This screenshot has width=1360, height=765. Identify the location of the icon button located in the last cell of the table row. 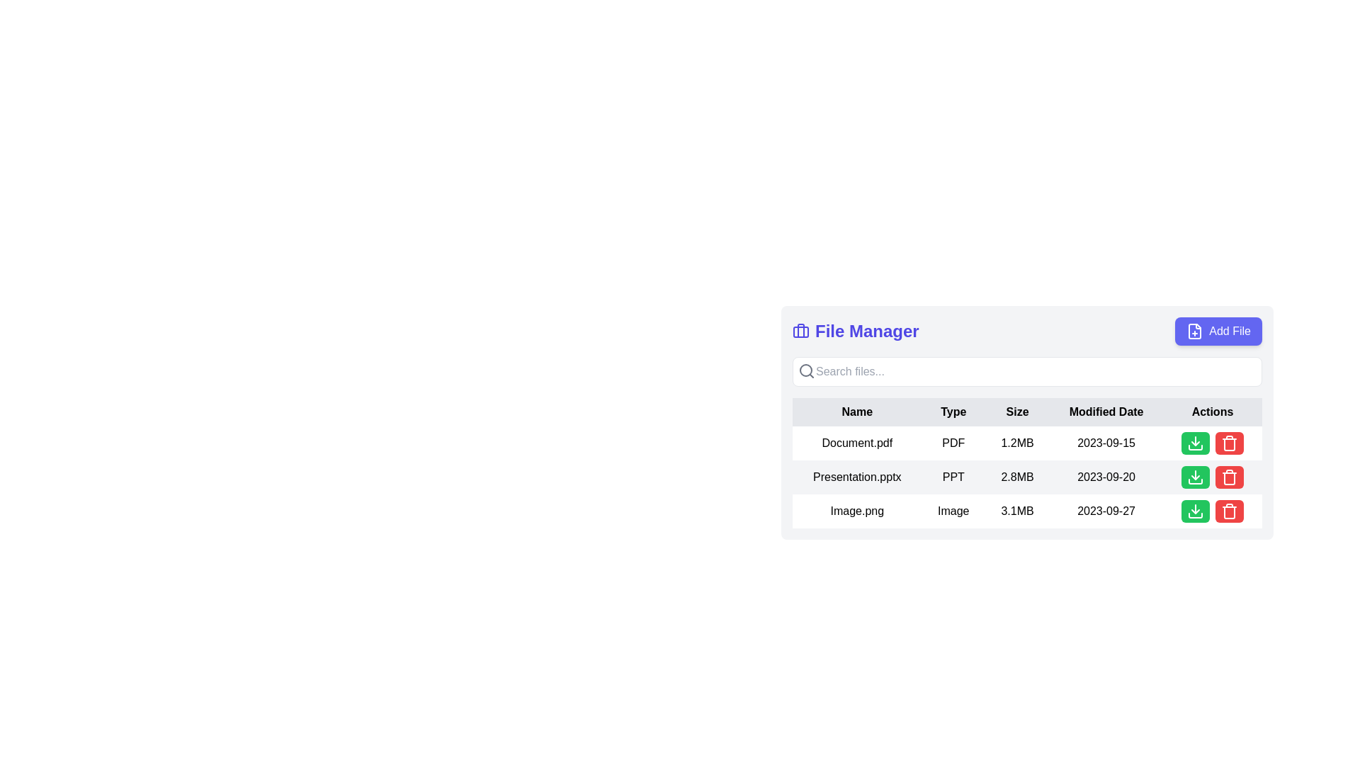
(1229, 477).